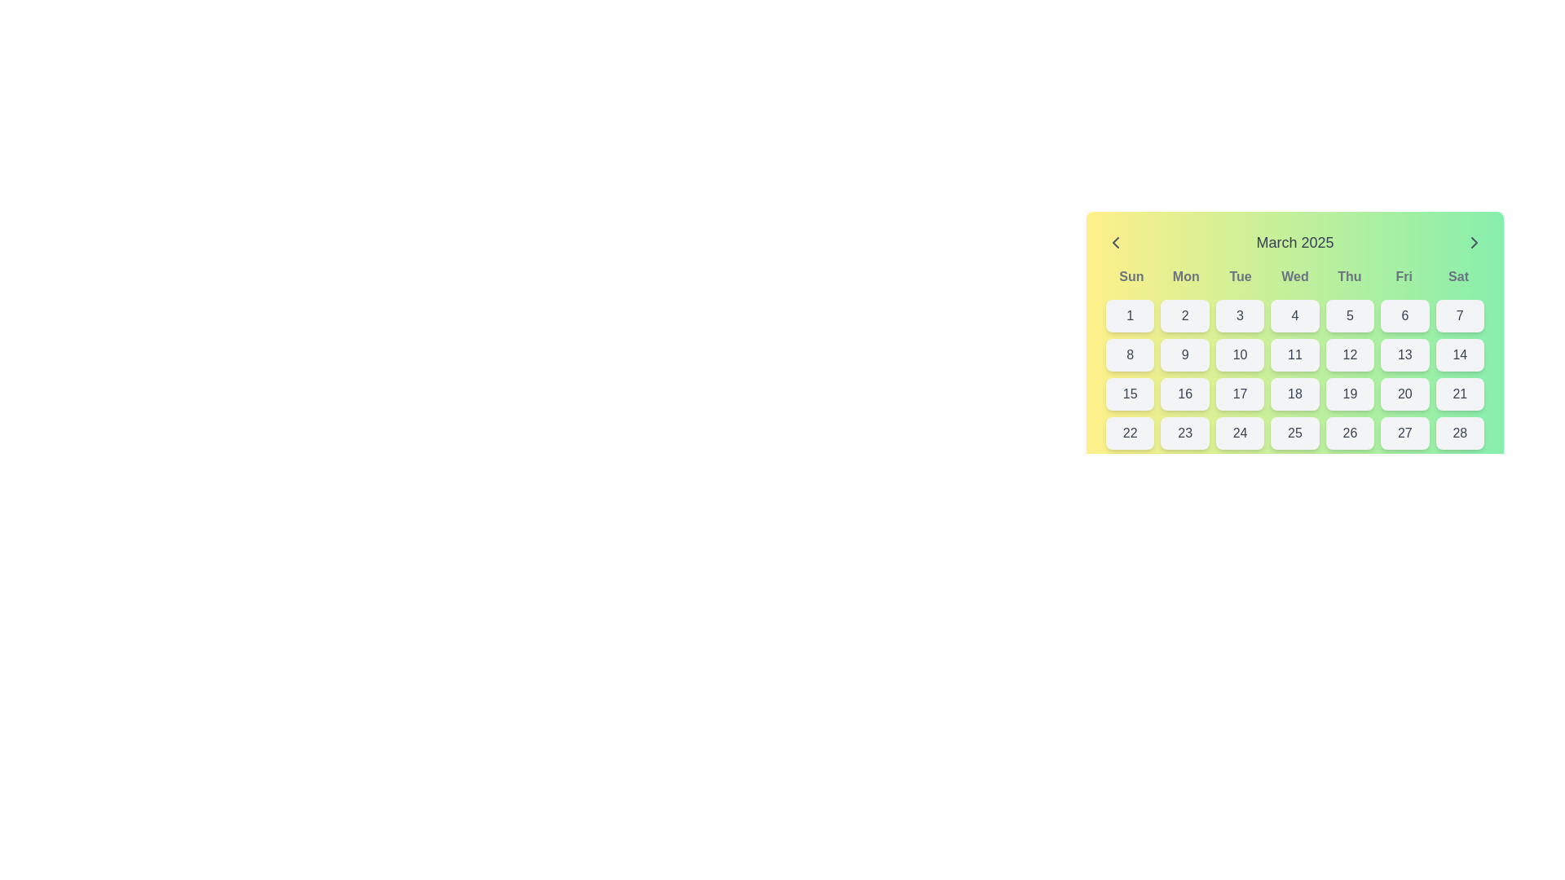 The width and height of the screenshot is (1565, 880). What do you see at coordinates (1185, 433) in the screenshot?
I see `the day selector button located in the bottom row of the calendar grid, specifically the second element from the left, to trigger hover effects` at bounding box center [1185, 433].